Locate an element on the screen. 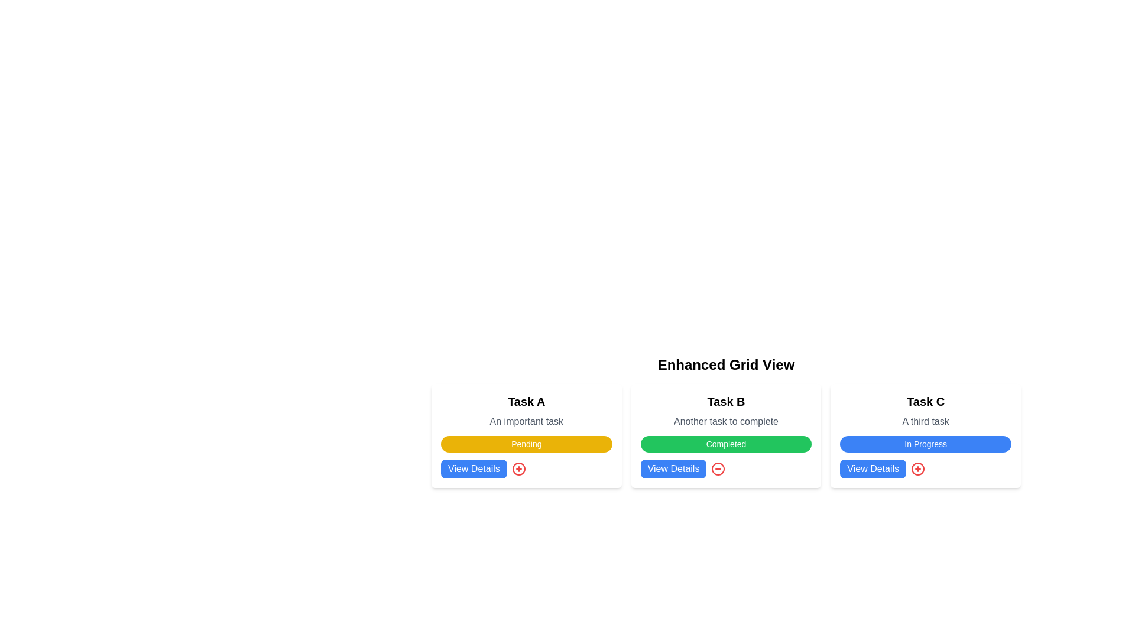 This screenshot has height=638, width=1135. the pill-shaped Status Indicator Label displaying 'In Progress' with a blue background, located within the card labeled 'Task C' is located at coordinates (925, 444).